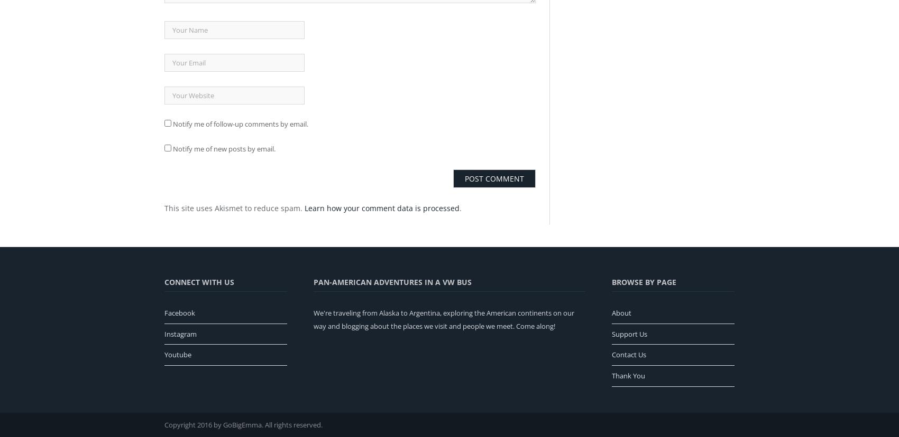  I want to click on 'Contact Us', so click(628, 354).